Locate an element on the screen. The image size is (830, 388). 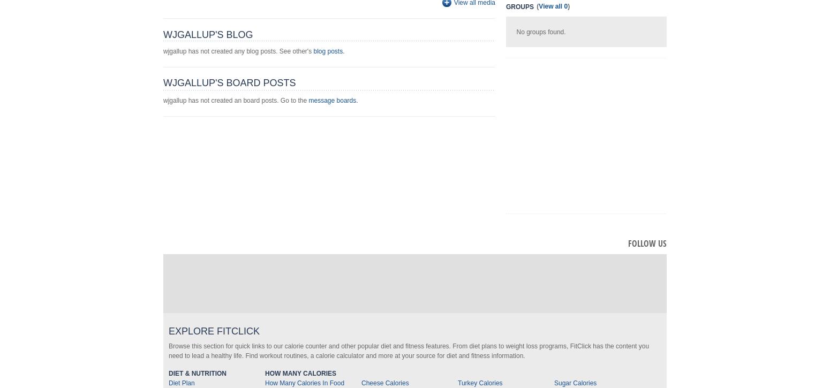
'Sugar Calories' is located at coordinates (575, 383).